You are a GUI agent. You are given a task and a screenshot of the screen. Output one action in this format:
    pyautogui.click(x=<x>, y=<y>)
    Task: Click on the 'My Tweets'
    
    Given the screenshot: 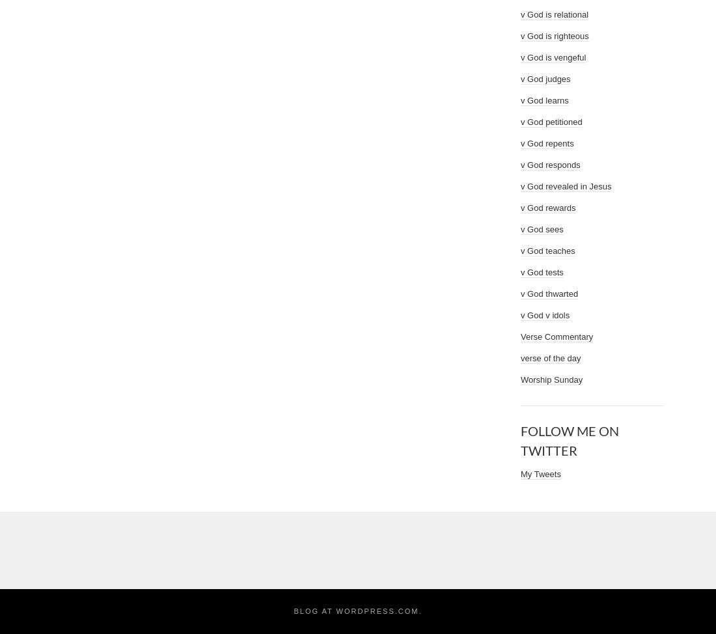 What is the action you would take?
    pyautogui.click(x=521, y=474)
    